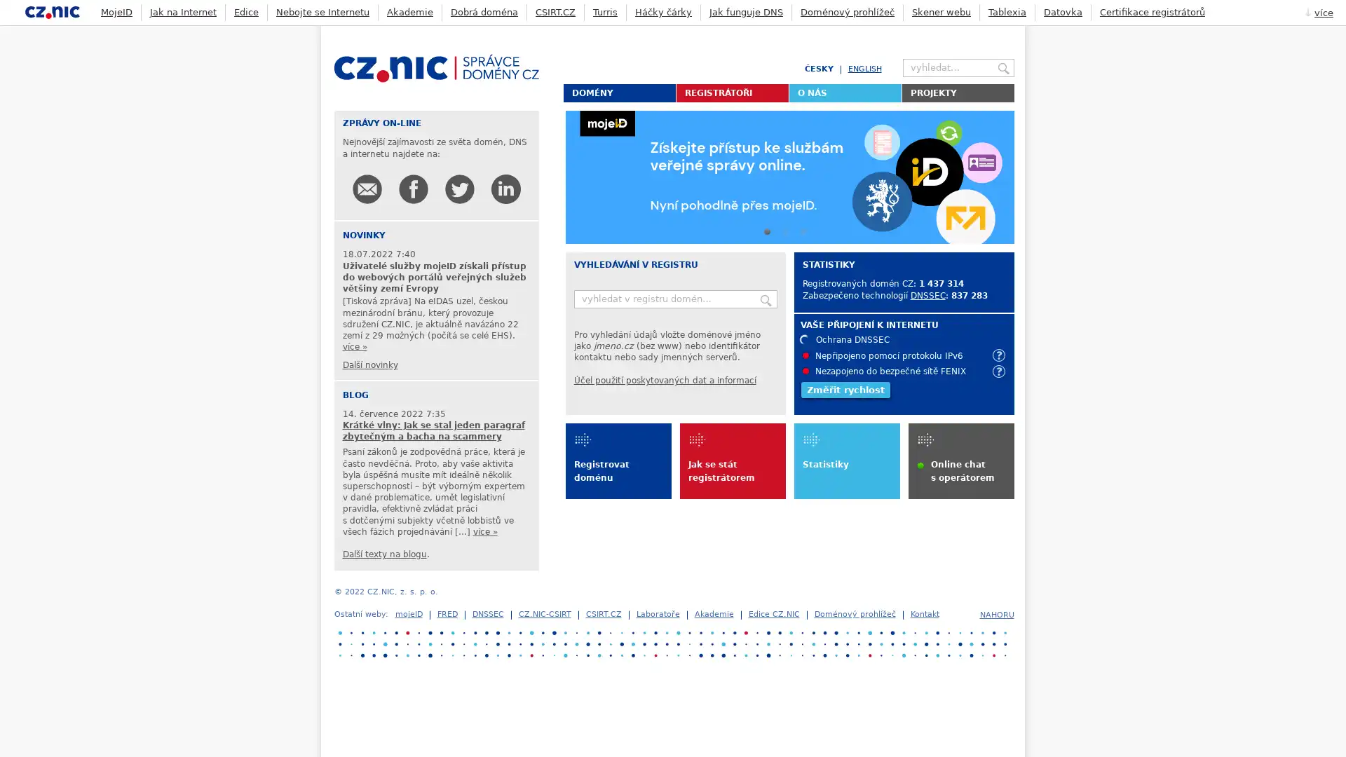 This screenshot has width=1346, height=757. I want to click on Zmerit rychlost, so click(844, 389).